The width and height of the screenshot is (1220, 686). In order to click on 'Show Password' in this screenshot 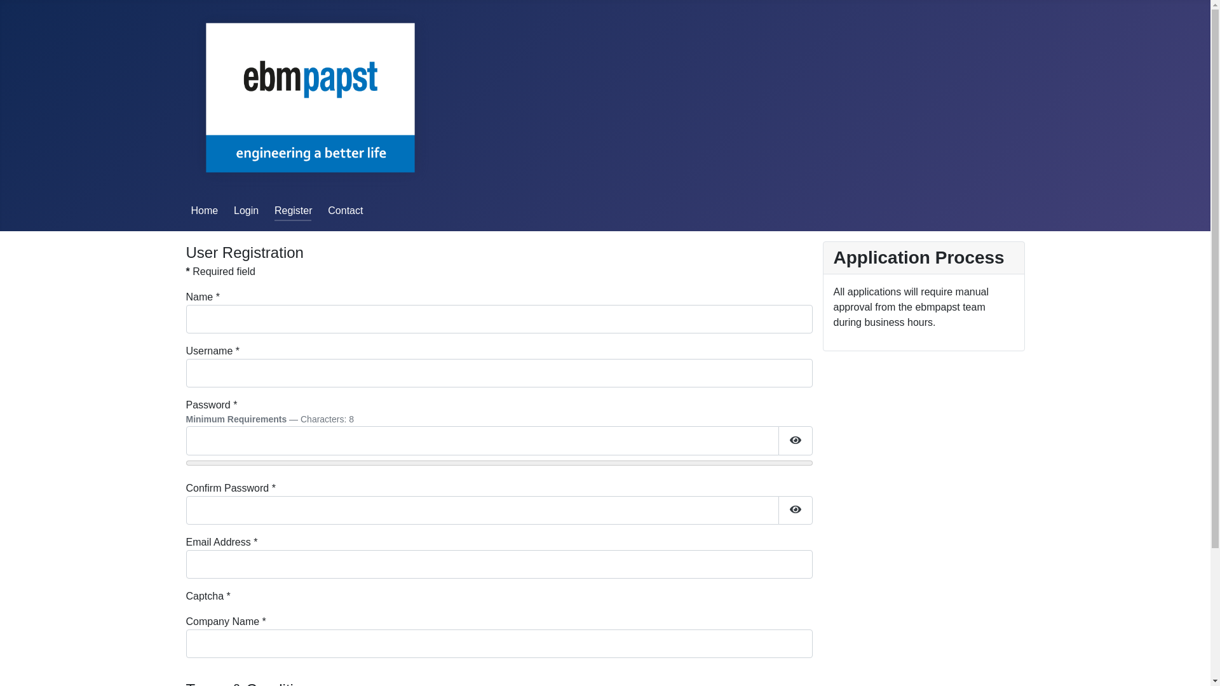, I will do `click(794, 440)`.